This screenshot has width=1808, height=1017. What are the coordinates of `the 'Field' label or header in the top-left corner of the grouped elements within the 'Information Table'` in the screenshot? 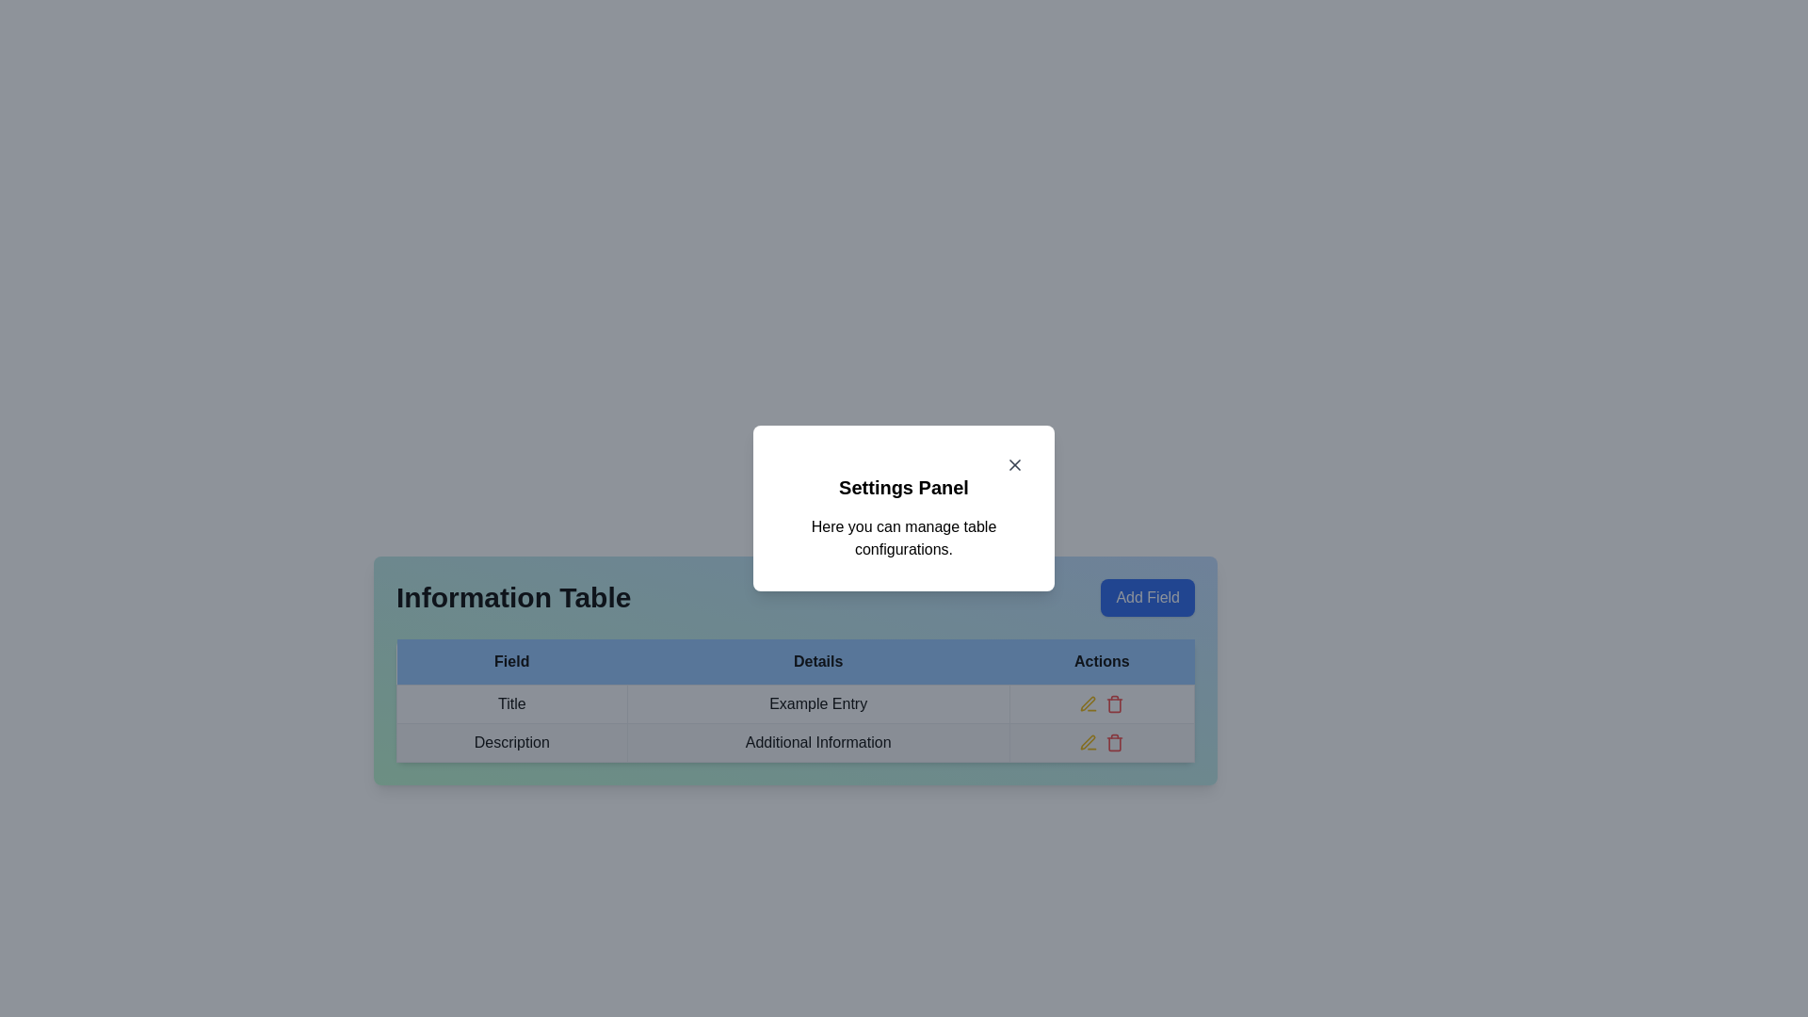 It's located at (511, 661).